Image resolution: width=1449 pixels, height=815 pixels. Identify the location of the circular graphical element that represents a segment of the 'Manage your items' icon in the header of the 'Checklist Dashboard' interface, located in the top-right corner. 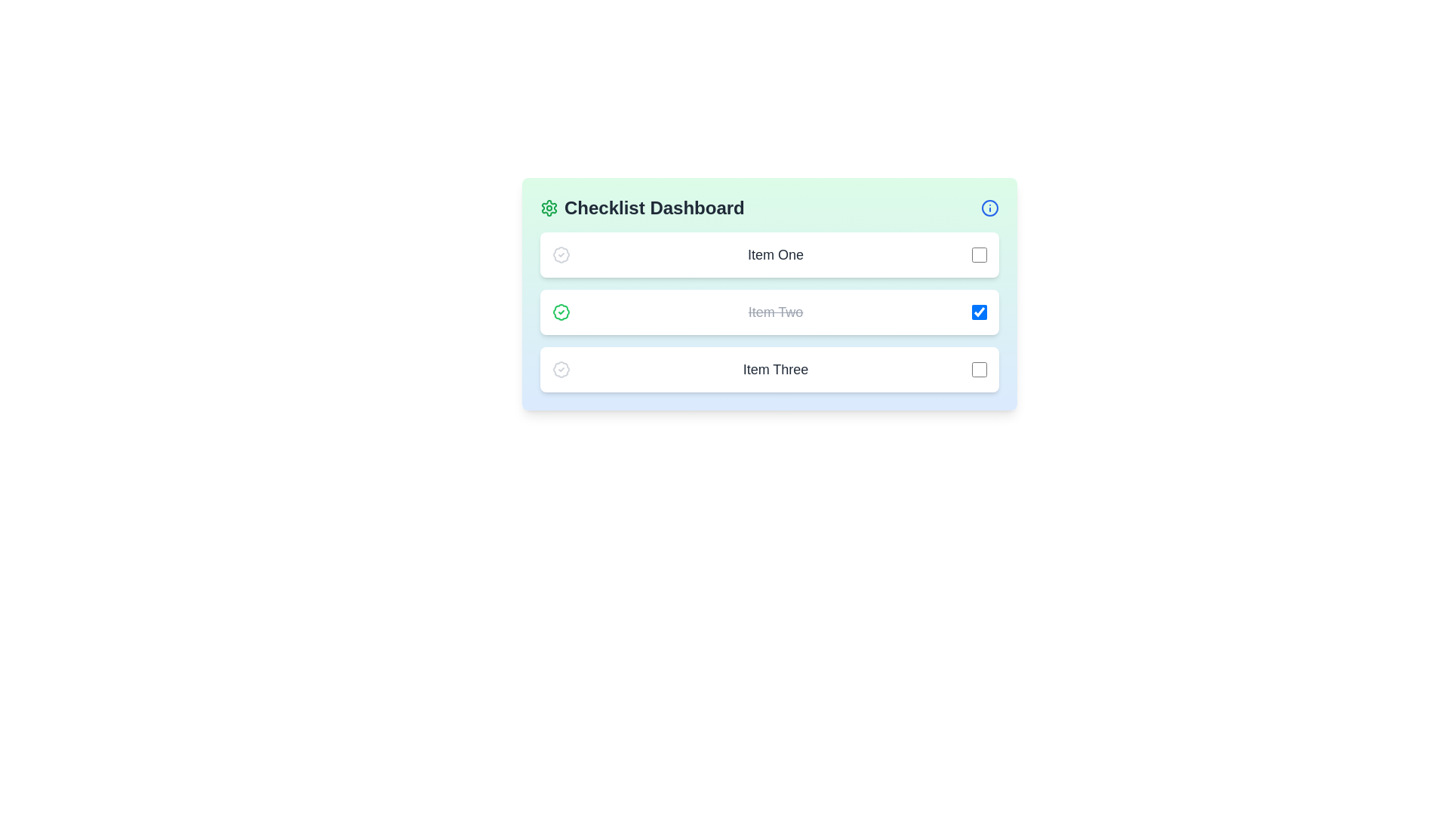
(989, 208).